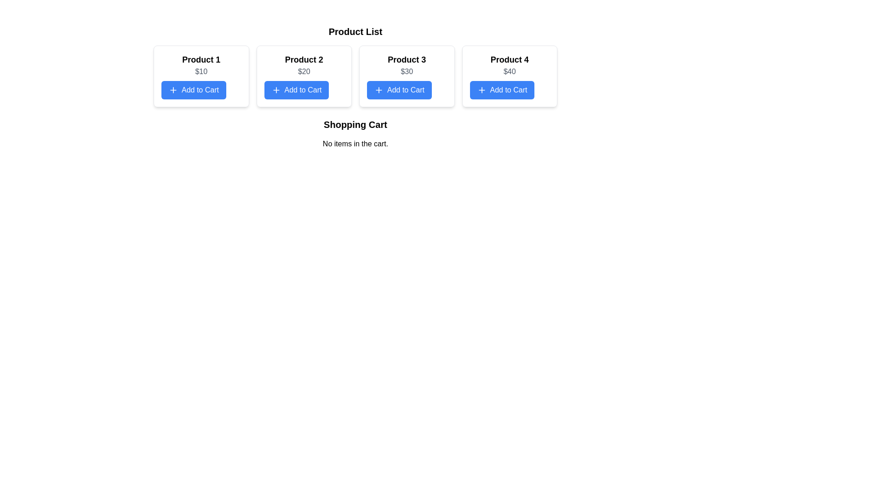 The image size is (883, 497). What do you see at coordinates (296, 90) in the screenshot?
I see `the 'Add to Cart' button located at the bottom of the 'Product 2' card priced at '$20'` at bounding box center [296, 90].